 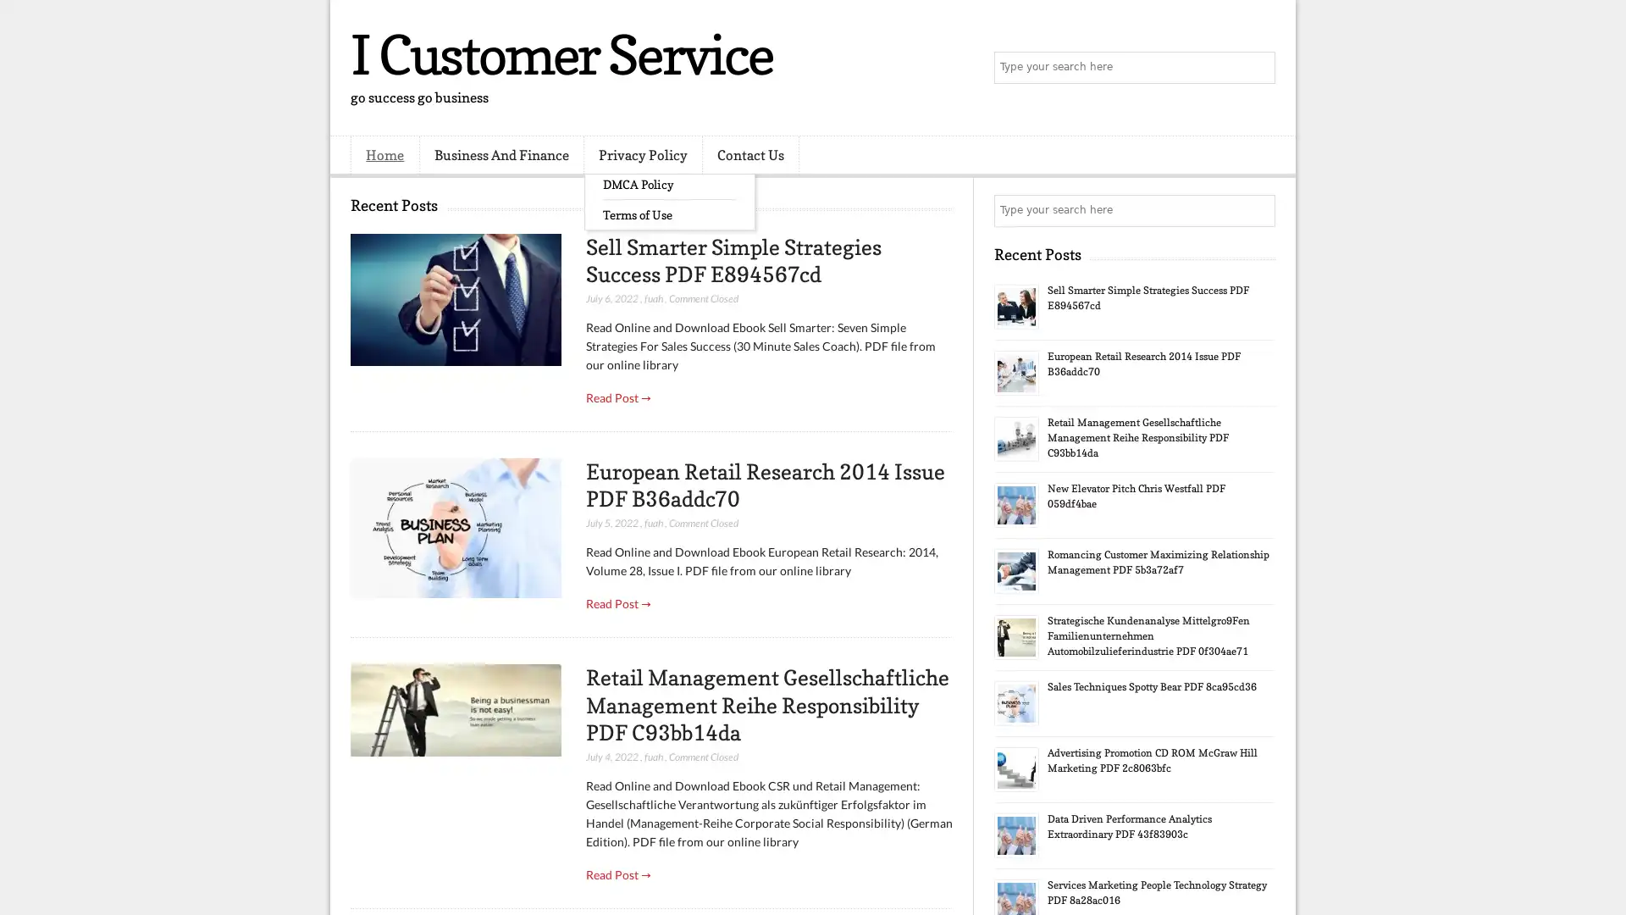 What do you see at coordinates (1258, 210) in the screenshot?
I see `Search` at bounding box center [1258, 210].